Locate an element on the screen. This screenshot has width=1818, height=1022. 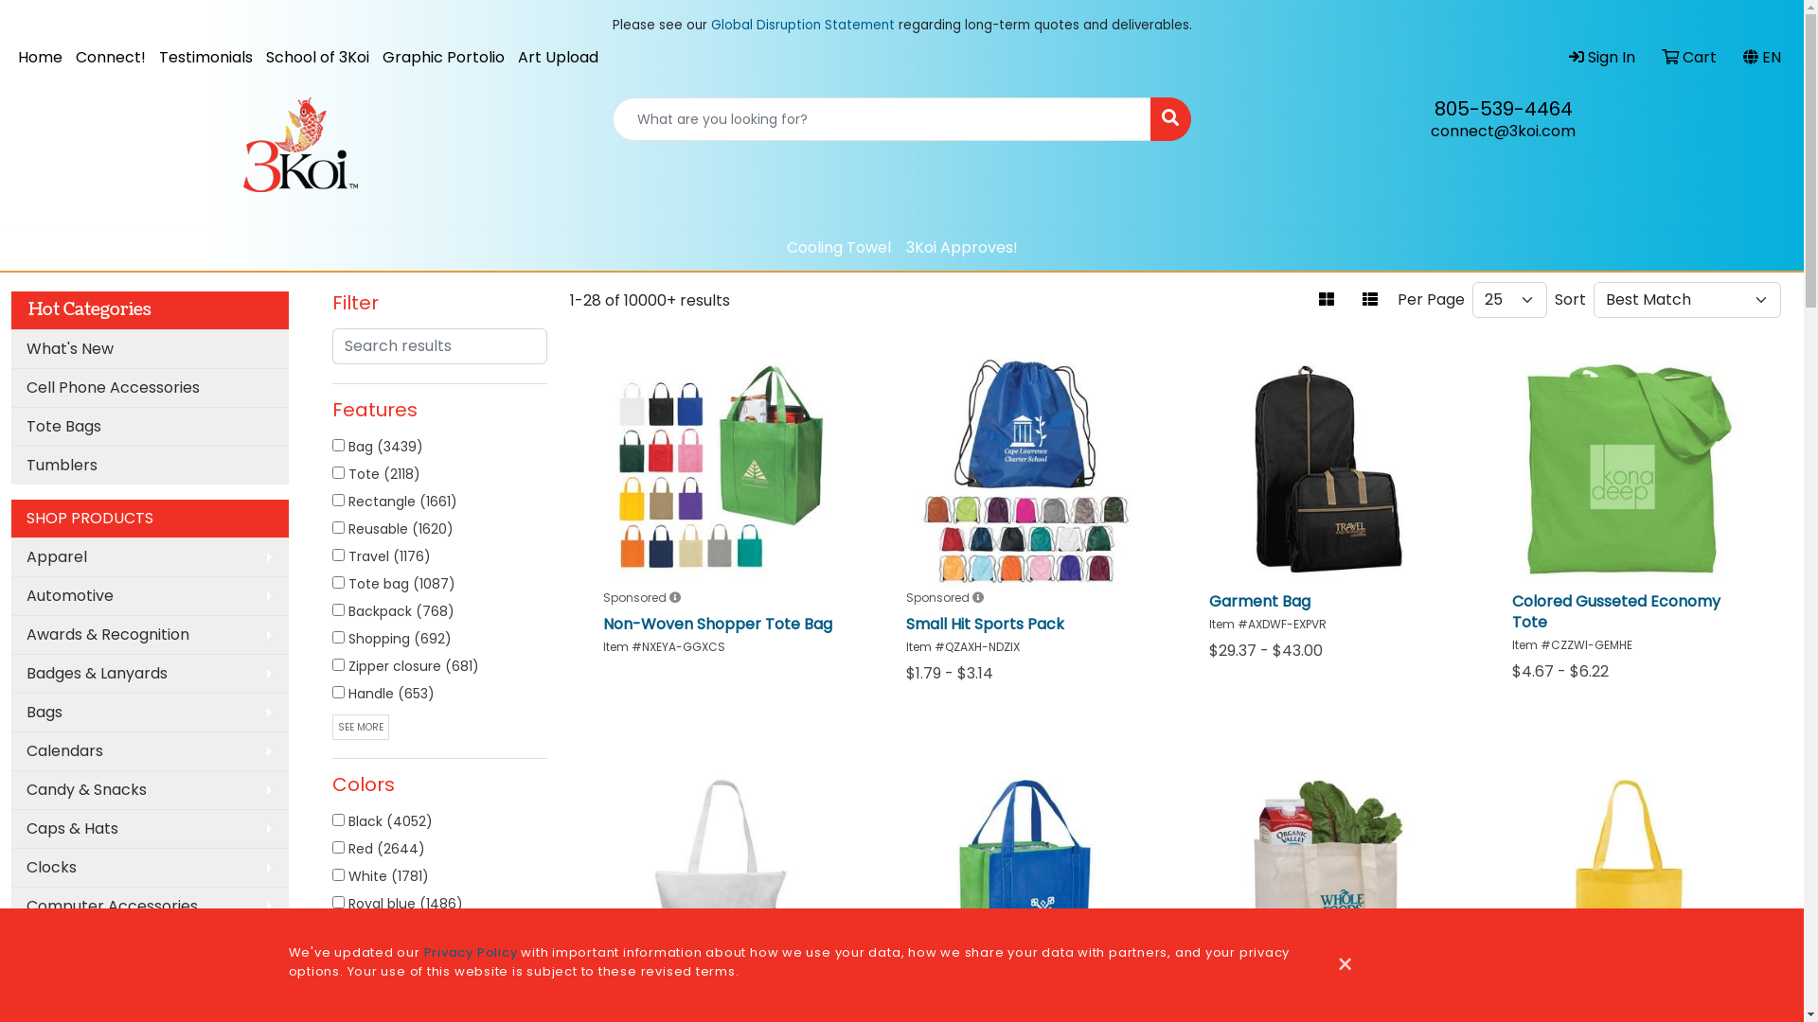
'Tote Bags' is located at coordinates (149, 426).